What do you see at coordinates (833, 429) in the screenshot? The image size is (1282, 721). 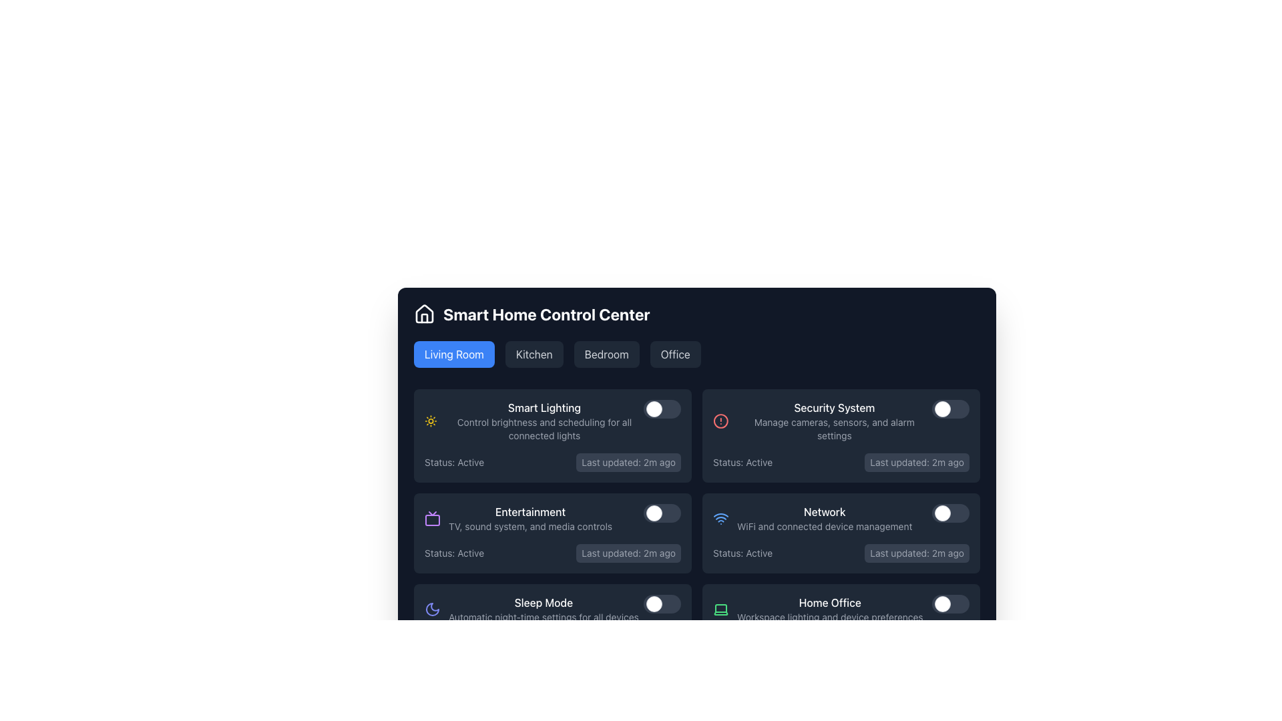 I see `the static text reading 'Manage cameras, sensors, and alarm settings' located below the heading 'Security System' within the card labeled 'Security System'` at bounding box center [833, 429].